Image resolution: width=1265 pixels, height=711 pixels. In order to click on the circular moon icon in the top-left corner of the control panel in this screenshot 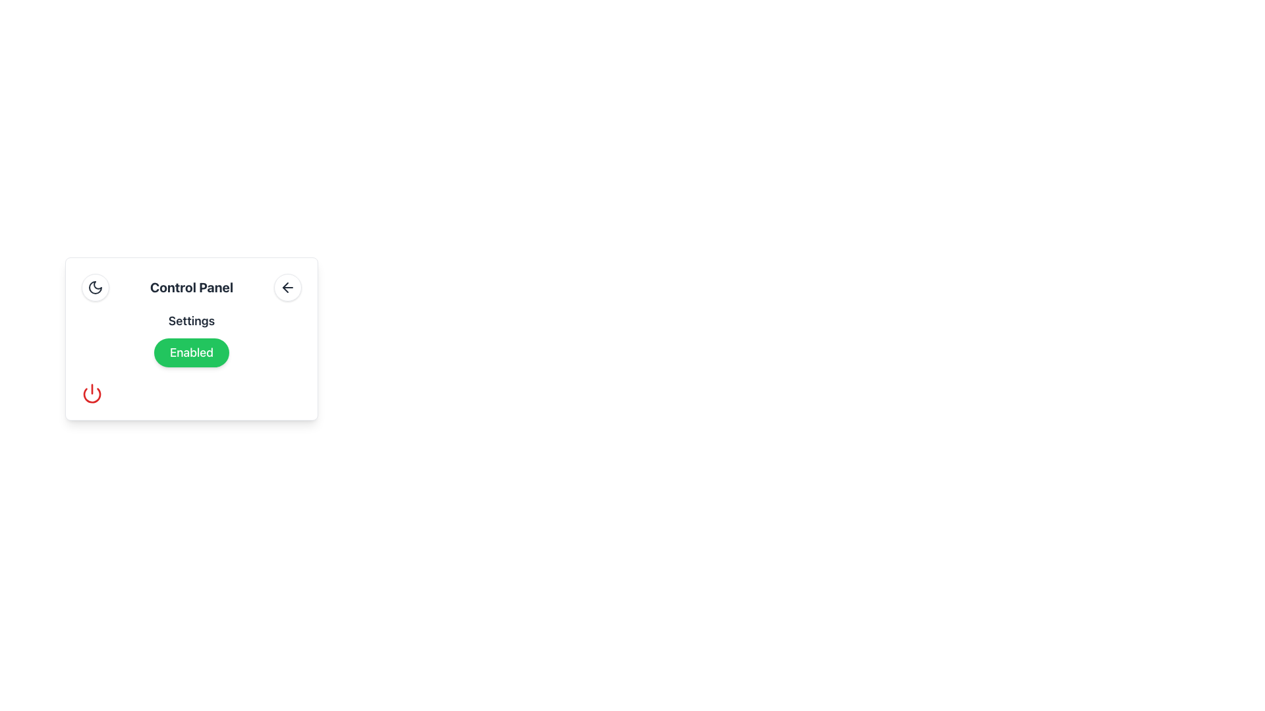, I will do `click(94, 286)`.